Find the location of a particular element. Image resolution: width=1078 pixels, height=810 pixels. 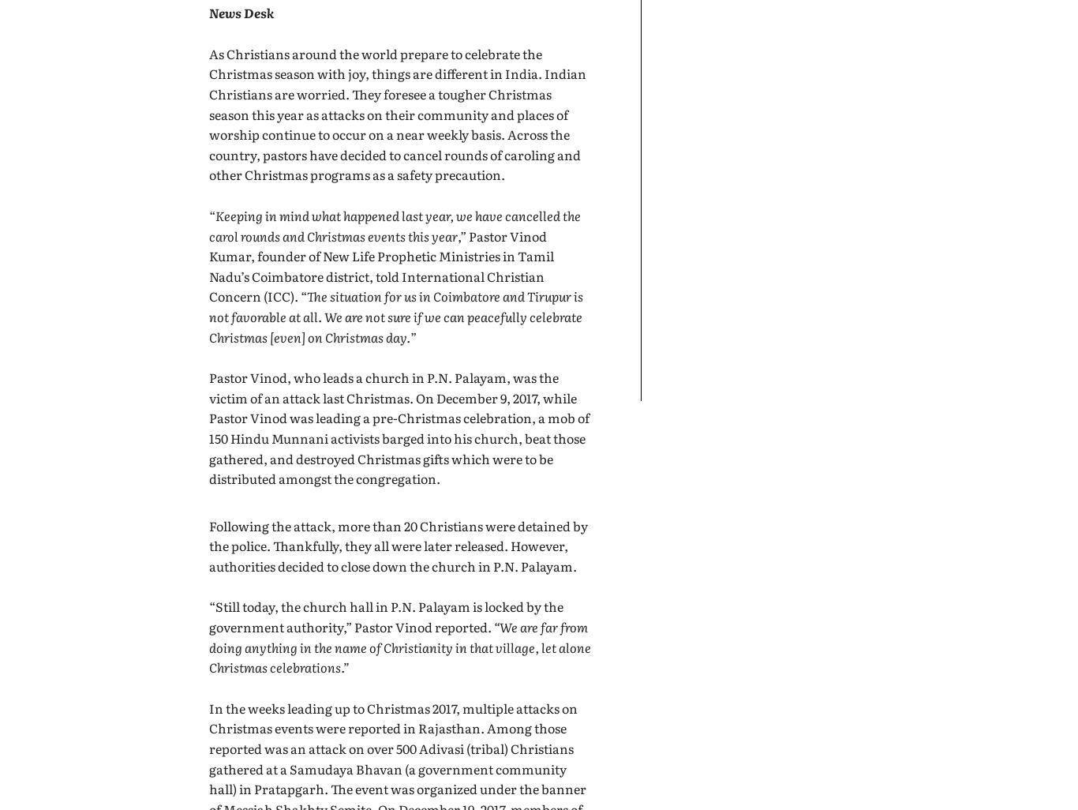

'Keeping in mind what happened last year, we have cancelled the carol rounds and Christmas events this year' is located at coordinates (395, 224).